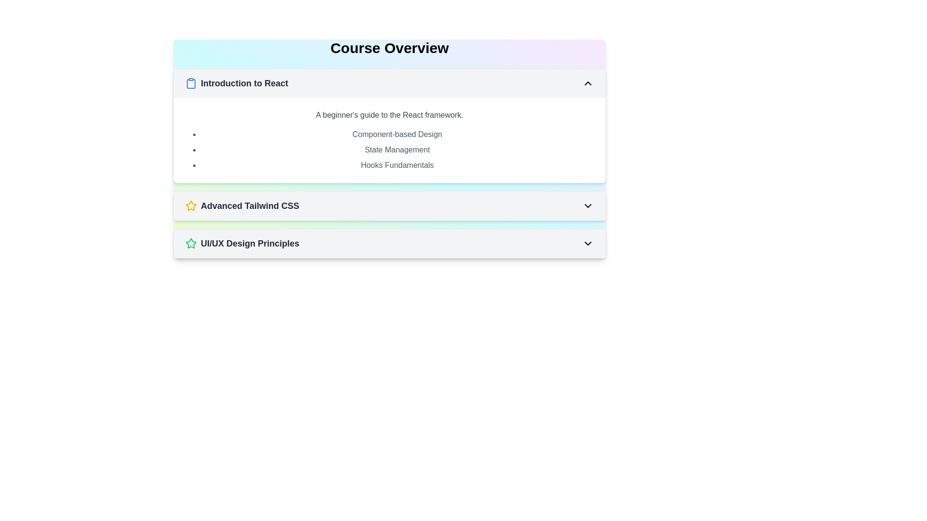 The image size is (927, 521). Describe the element at coordinates (191, 83) in the screenshot. I see `the clipboard icon located to the left of the 'Introduction to React' text` at that location.